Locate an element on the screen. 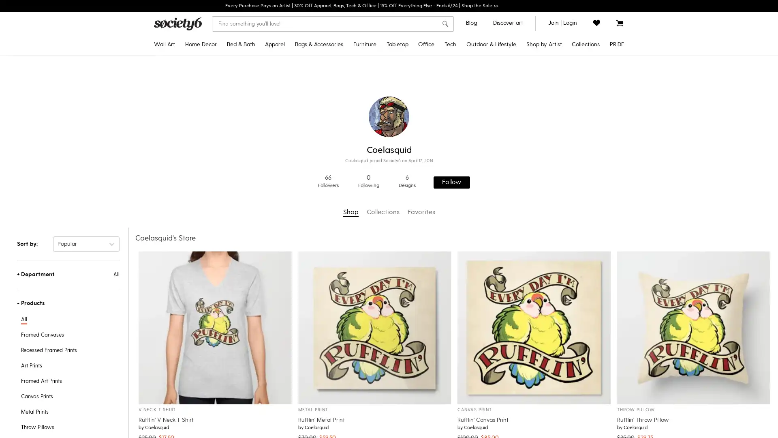 This screenshot has height=438, width=778. V-Neck T-Shirts is located at coordinates (300, 130).